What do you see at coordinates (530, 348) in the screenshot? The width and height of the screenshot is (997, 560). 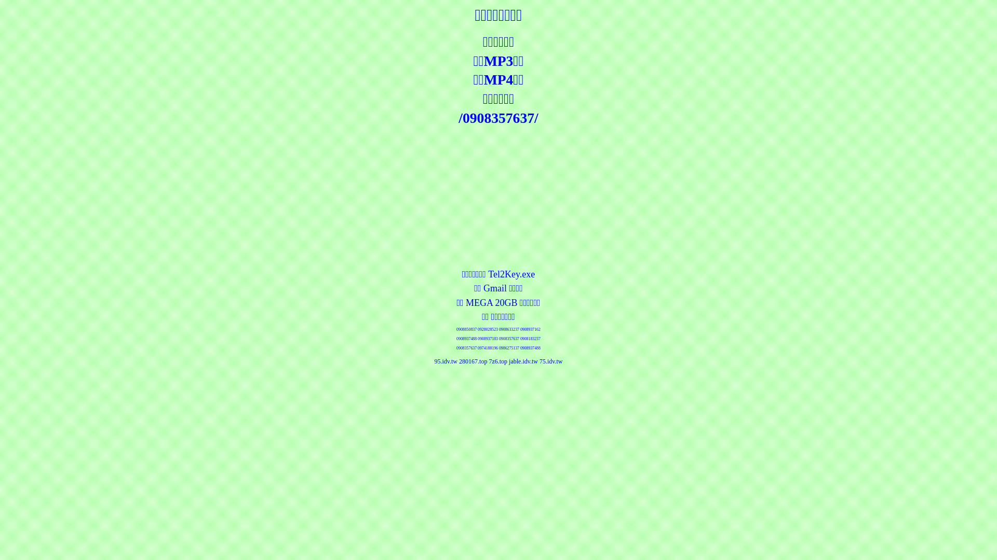 I see `'0908937488'` at bounding box center [530, 348].